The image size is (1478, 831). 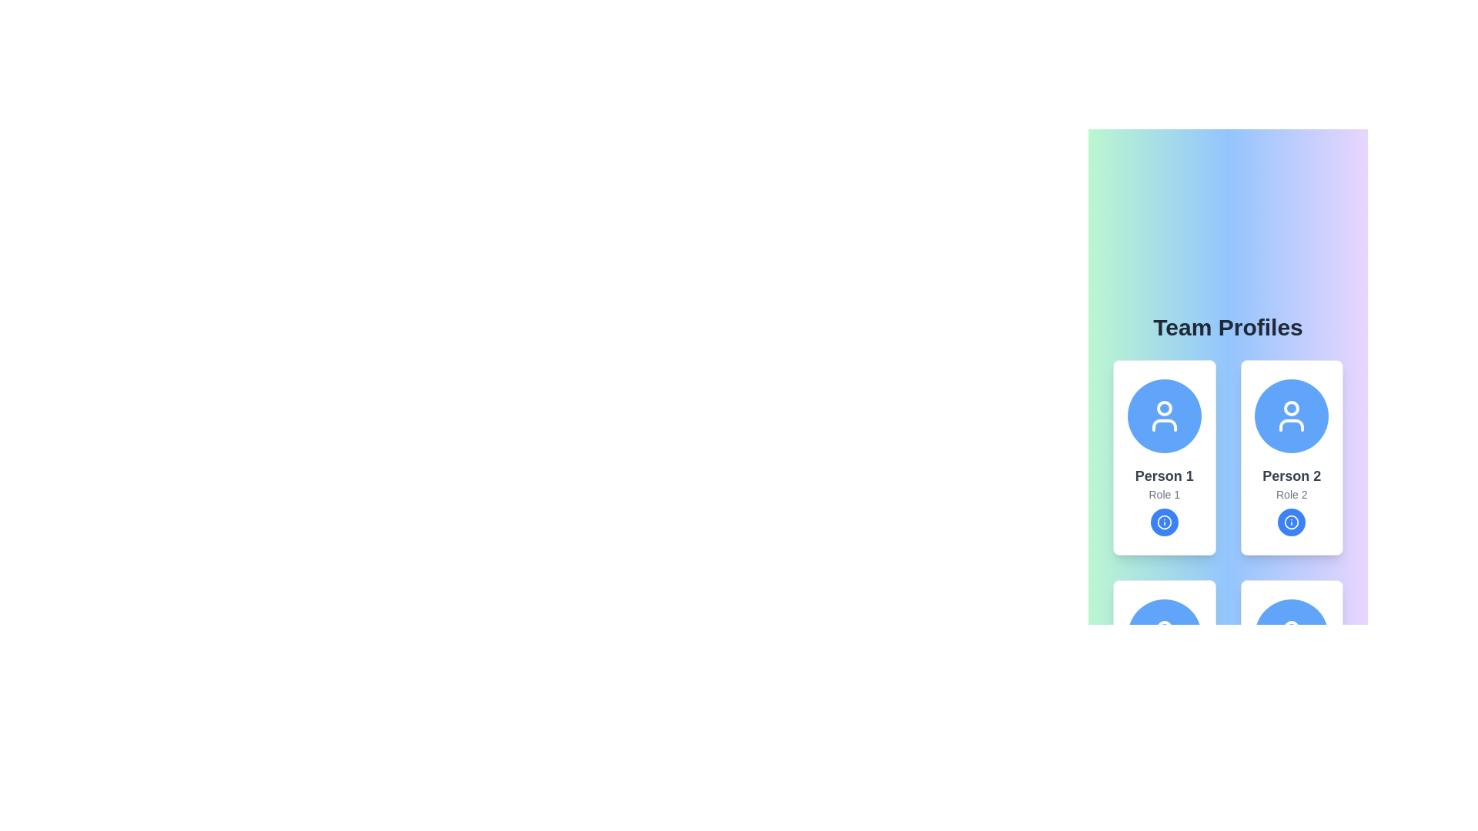 What do you see at coordinates (1292, 636) in the screenshot?
I see `the avatar representing 'Person 4' in the team profile grid, which is visually centered in its card` at bounding box center [1292, 636].